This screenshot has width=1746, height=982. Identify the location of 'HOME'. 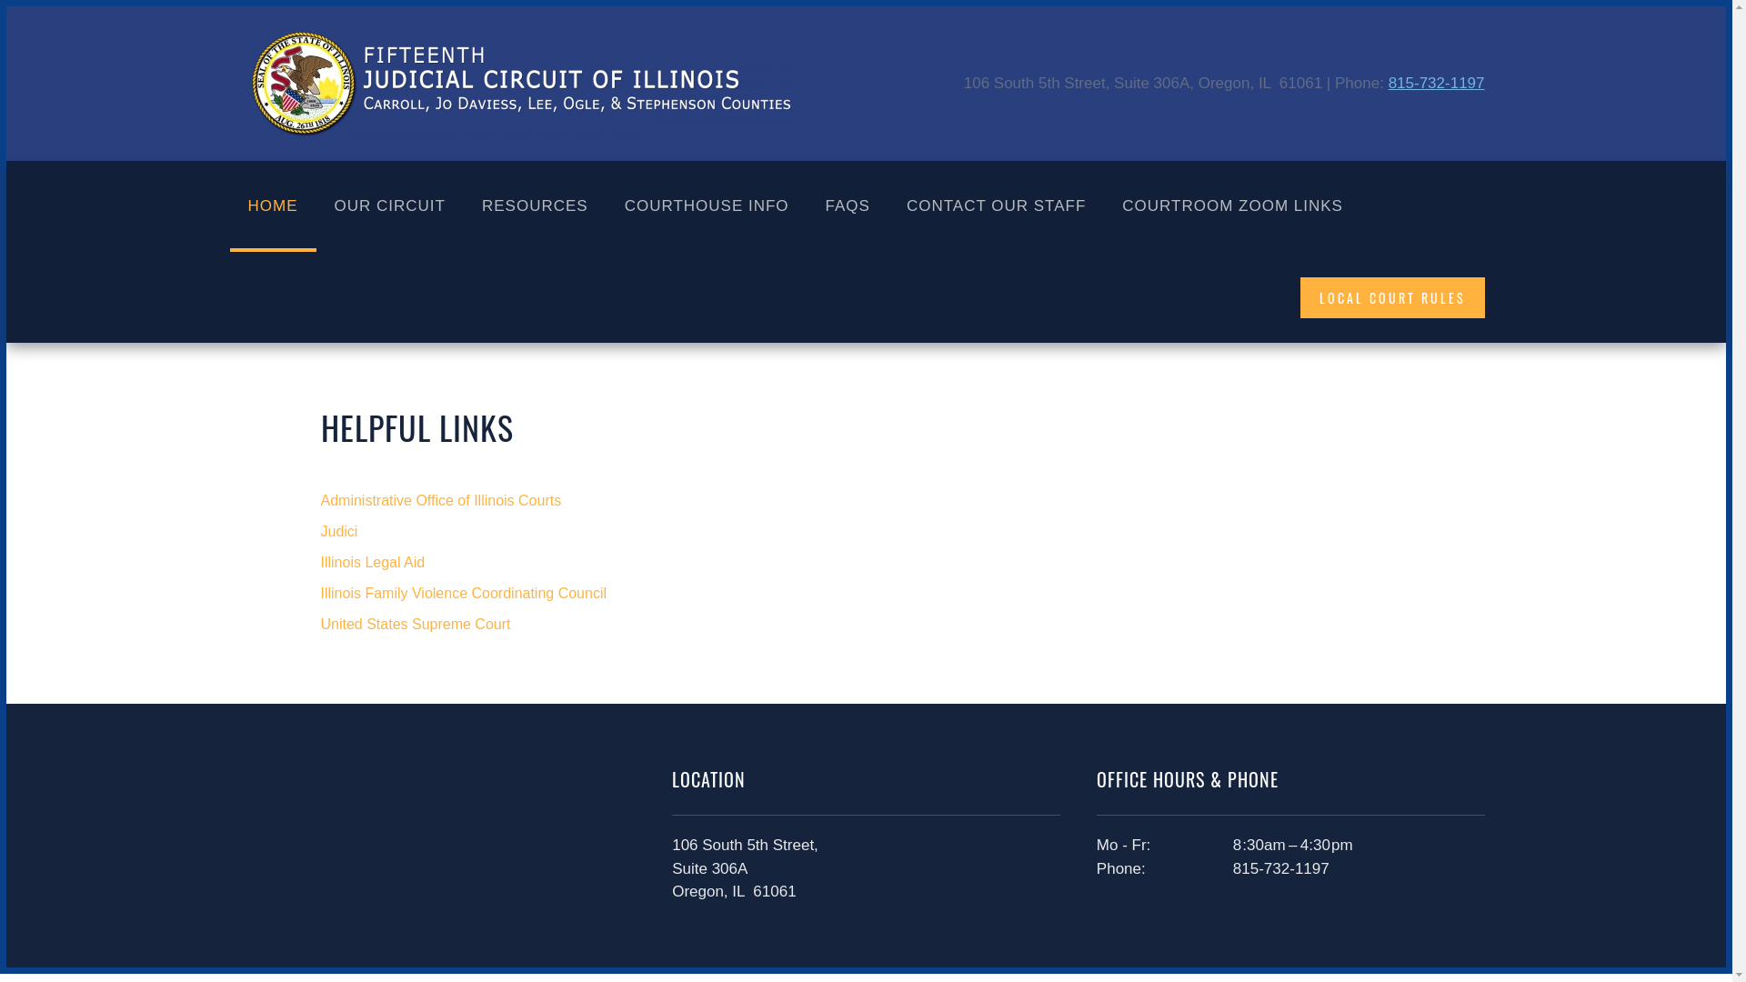
(271, 205).